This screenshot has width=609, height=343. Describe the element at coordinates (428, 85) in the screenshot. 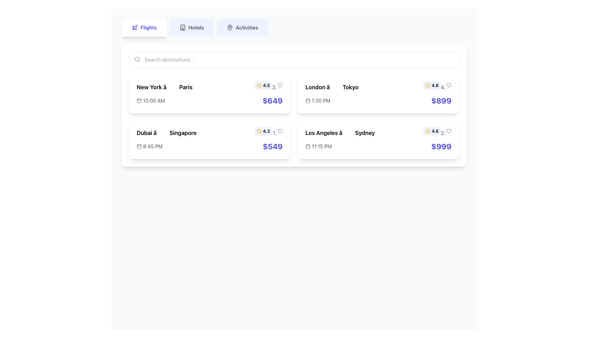

I see `the decorative star rating icon located in the top right section of the card labeled 'London to Tokyo', positioned to the left of the text '4.8'` at that location.